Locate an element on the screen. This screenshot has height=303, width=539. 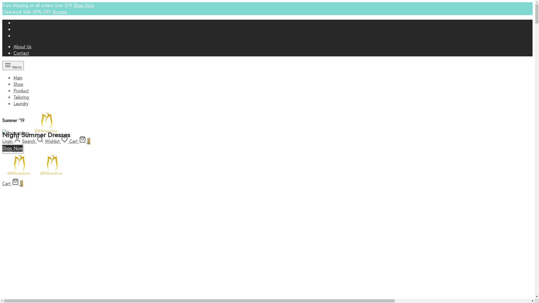
'Product' is located at coordinates (21, 90).